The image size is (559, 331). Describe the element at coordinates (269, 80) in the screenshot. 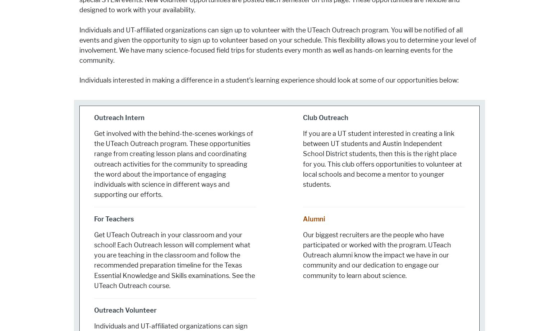

I see `'Individuals interested in making a difference in a student’s learning experience should look at some of our opportunities below:'` at that location.